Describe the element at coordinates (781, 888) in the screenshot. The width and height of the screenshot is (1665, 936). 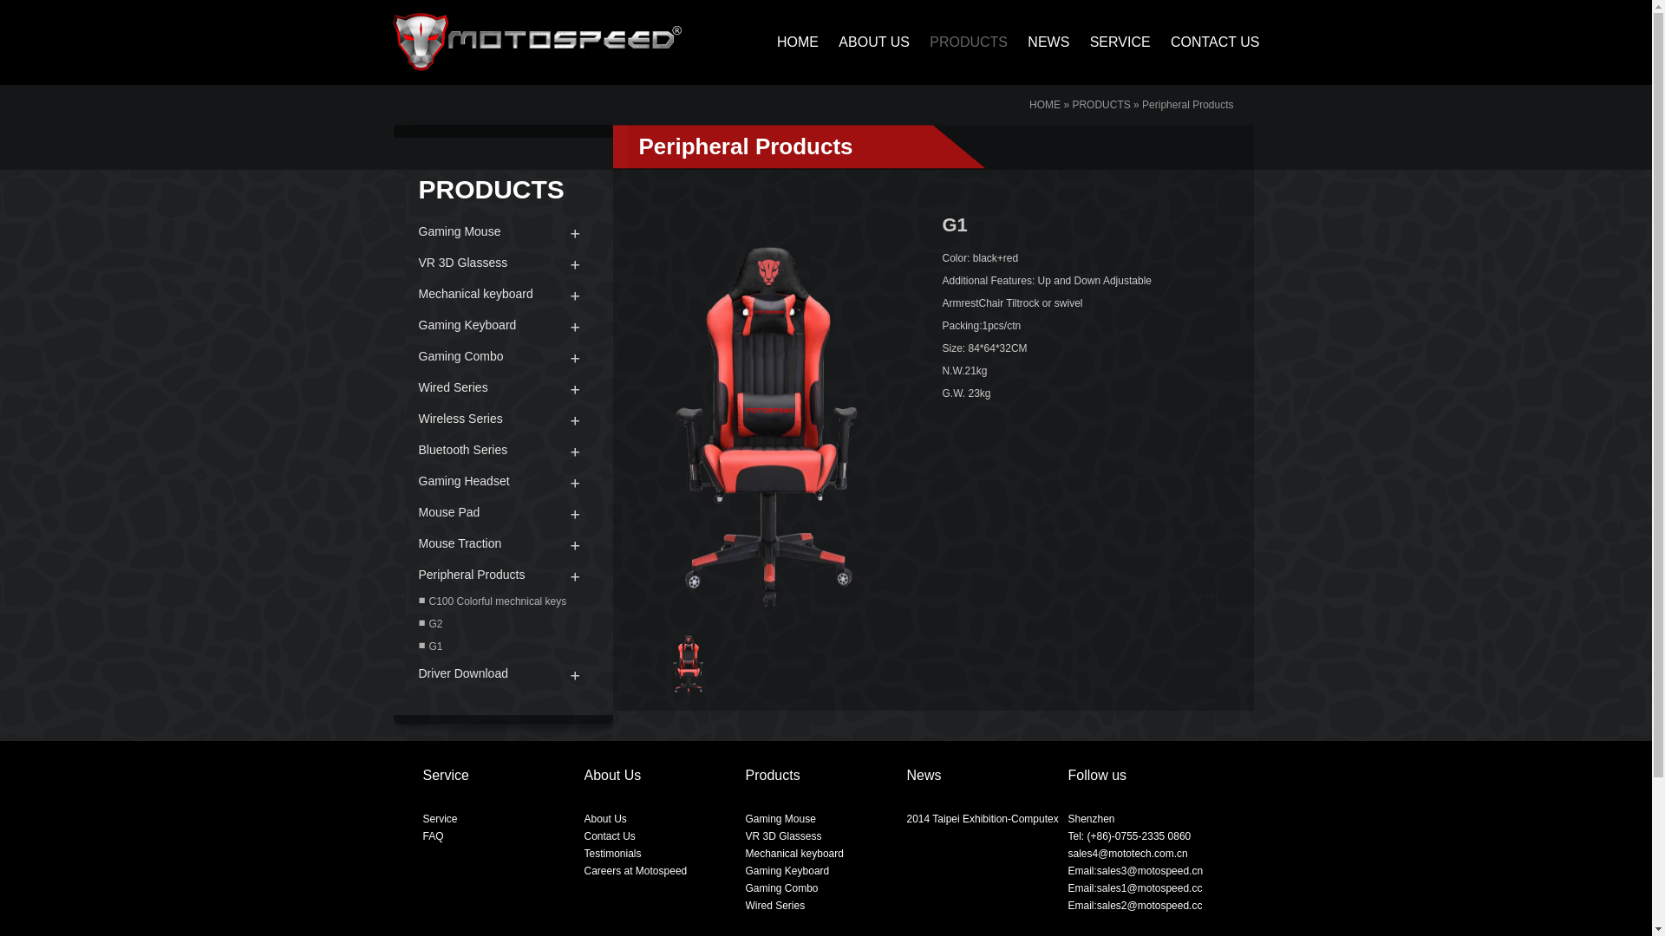
I see `'Gaming Combo'` at that location.